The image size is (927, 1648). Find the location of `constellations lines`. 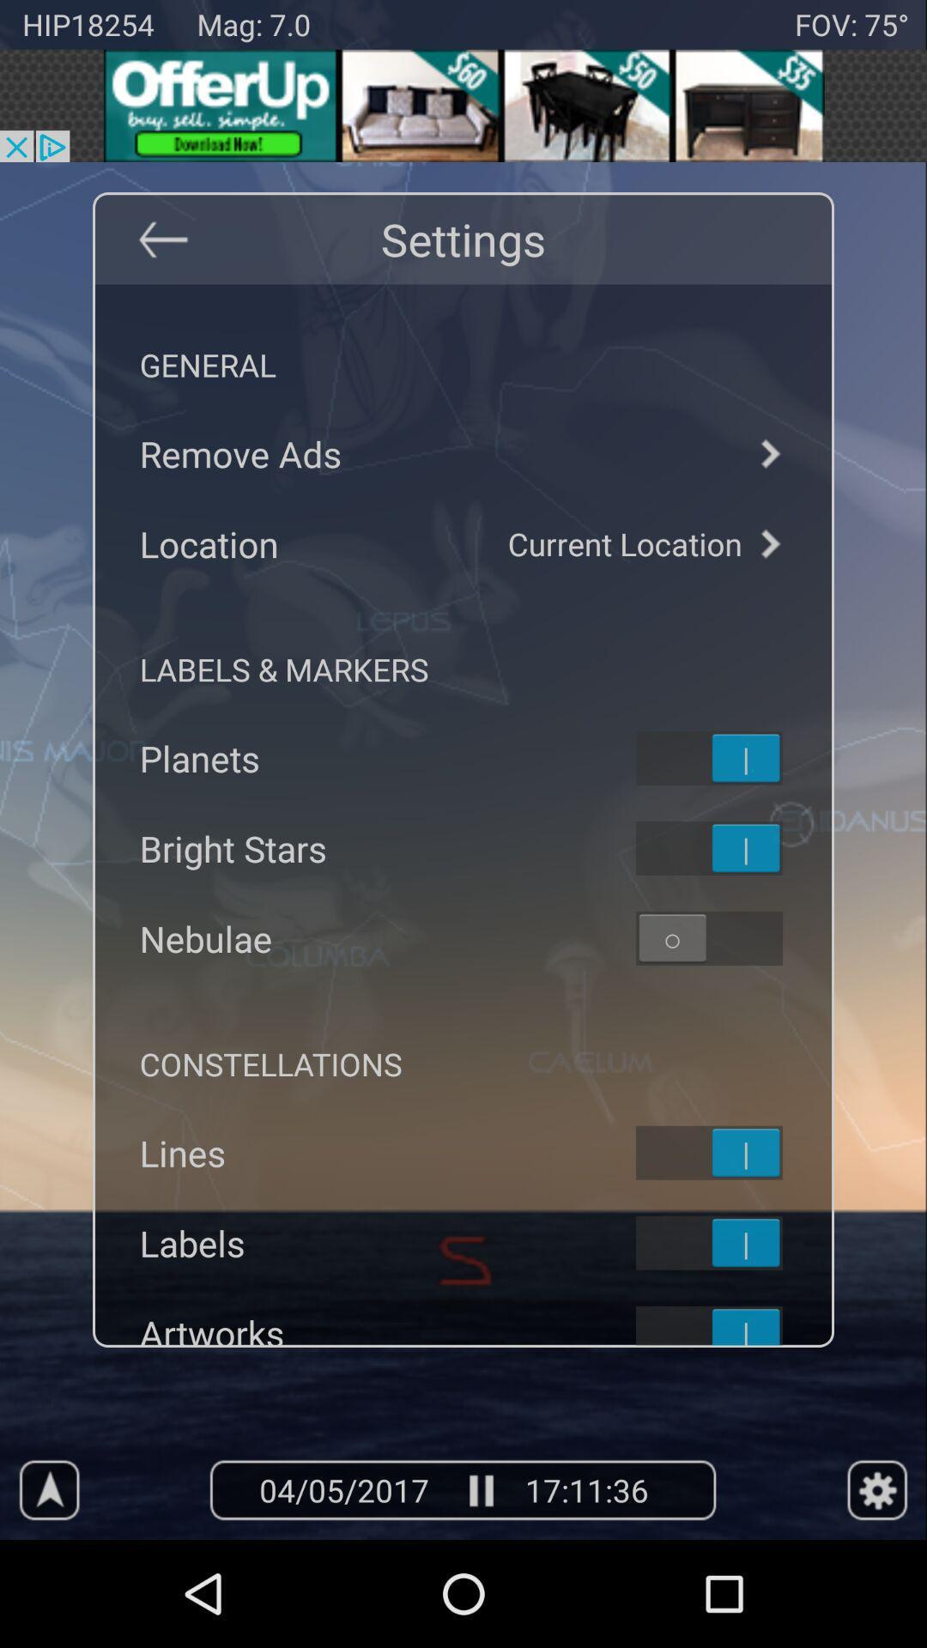

constellations lines is located at coordinates (731, 1153).